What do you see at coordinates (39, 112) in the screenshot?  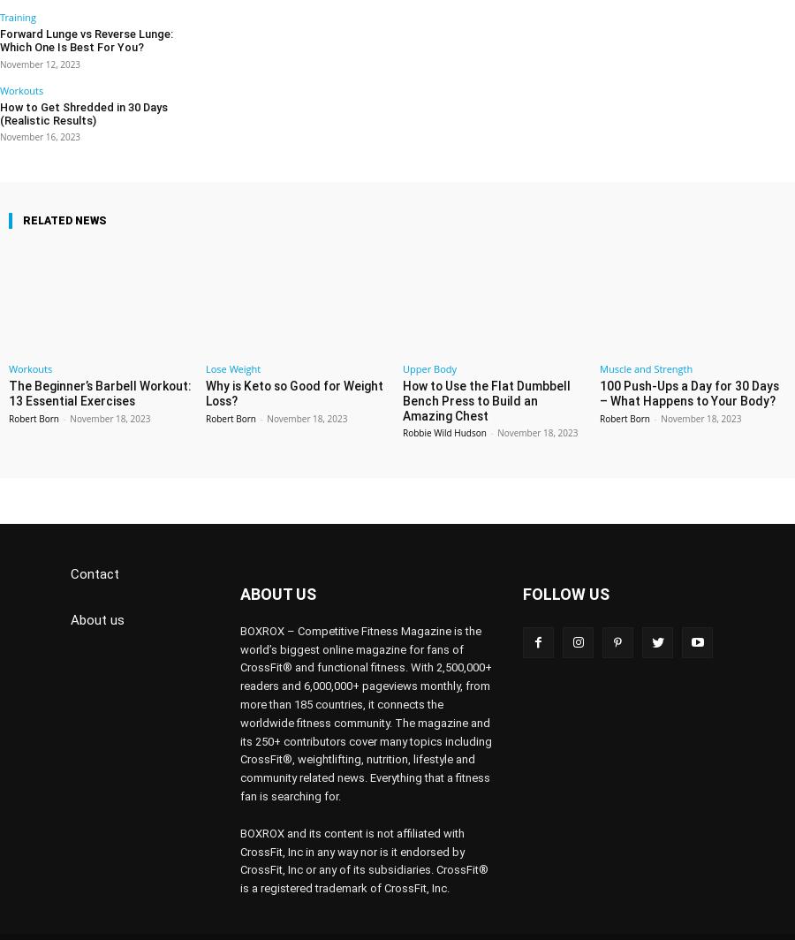 I see `'November 16, 2023'` at bounding box center [39, 112].